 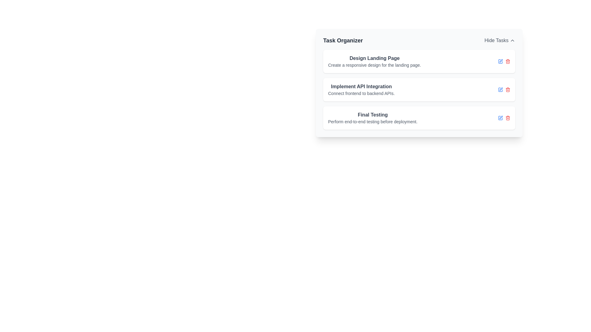 I want to click on the red trash can icon to change its color, which is located at the far right of the horizontal layout and is the second icon from the right, so click(x=508, y=61).